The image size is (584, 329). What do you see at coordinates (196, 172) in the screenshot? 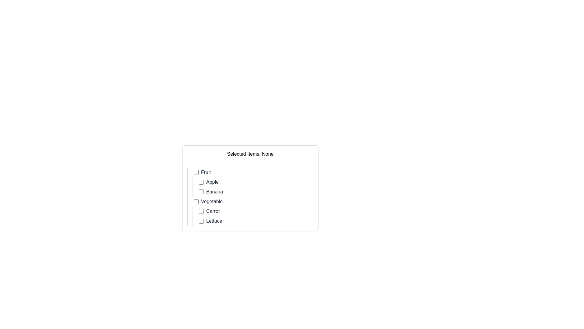
I see `the checkbox for 'Fruit'` at bounding box center [196, 172].